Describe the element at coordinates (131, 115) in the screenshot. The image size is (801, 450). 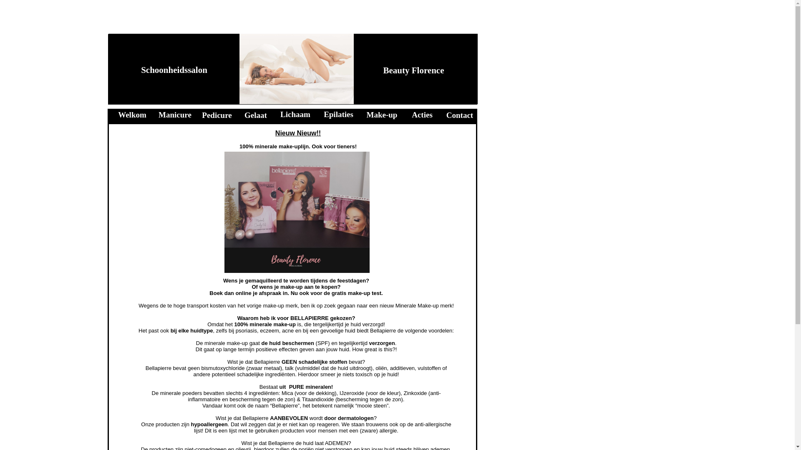
I see `'Welkom'` at that location.